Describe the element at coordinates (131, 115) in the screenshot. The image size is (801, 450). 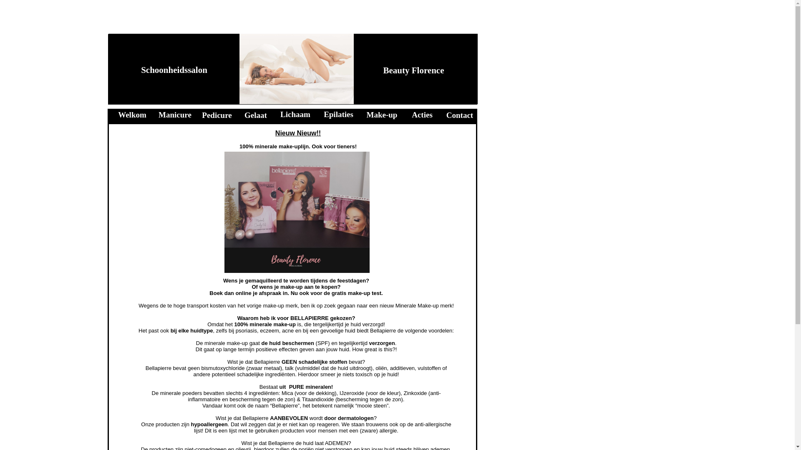
I see `'Welkom'` at that location.